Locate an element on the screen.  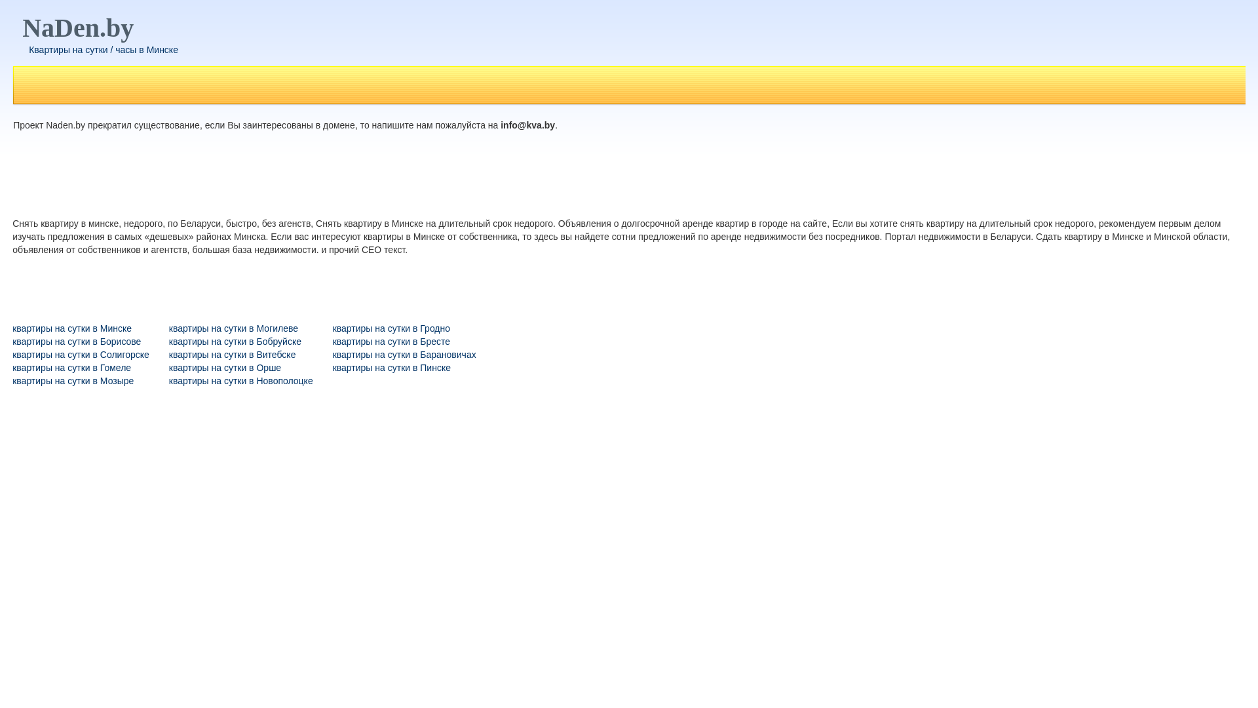
'NaDen.by' is located at coordinates (77, 28).